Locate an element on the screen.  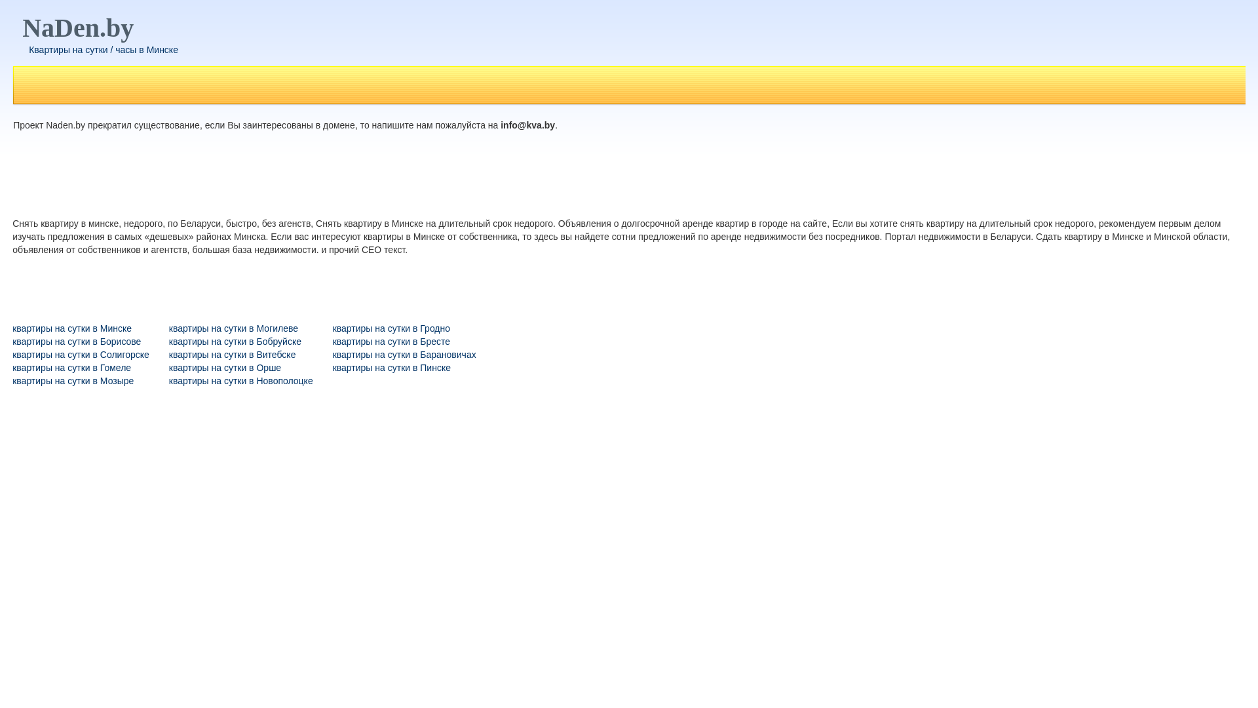
'NaDen.by' is located at coordinates (77, 28).